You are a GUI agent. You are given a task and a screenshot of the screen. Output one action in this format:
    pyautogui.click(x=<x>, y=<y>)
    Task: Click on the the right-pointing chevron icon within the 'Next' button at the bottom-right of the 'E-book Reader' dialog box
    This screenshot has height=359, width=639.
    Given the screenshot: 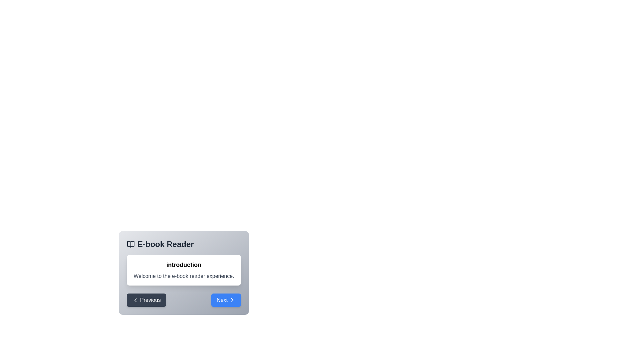 What is the action you would take?
    pyautogui.click(x=232, y=300)
    